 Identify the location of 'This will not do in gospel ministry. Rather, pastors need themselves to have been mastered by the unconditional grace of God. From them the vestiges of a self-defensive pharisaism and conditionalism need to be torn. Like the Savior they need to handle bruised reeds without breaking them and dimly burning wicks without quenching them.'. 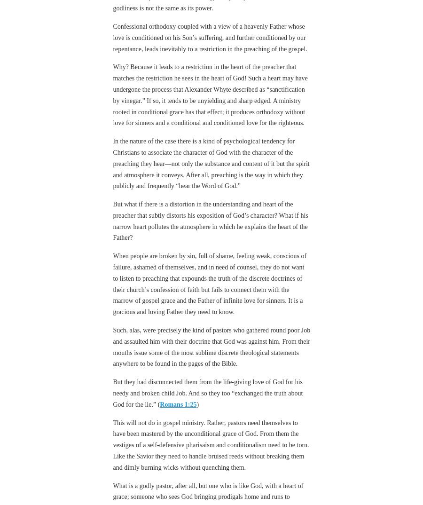
(211, 418).